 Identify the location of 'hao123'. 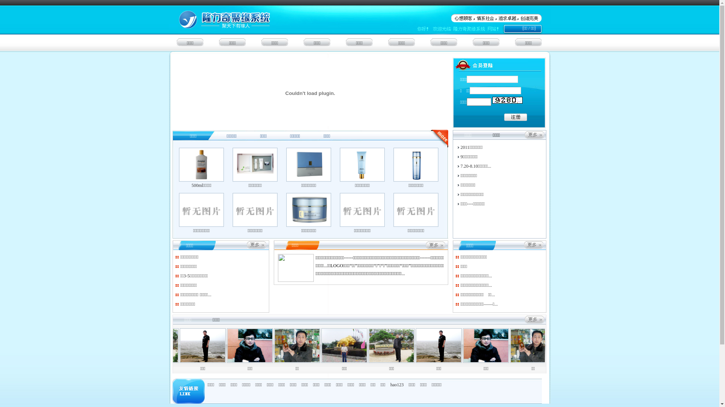
(396, 385).